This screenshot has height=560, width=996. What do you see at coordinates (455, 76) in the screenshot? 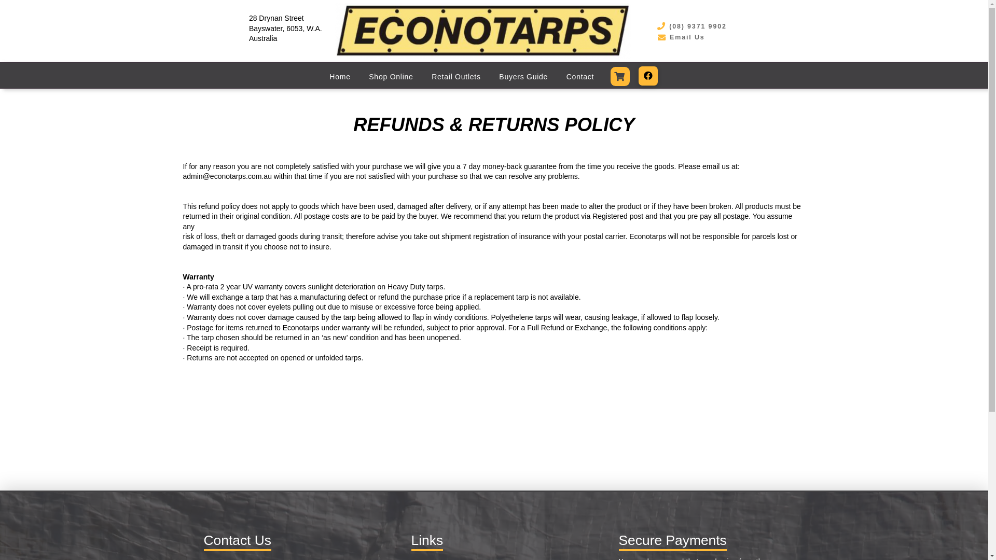
I see `'Retail Outlets'` at bounding box center [455, 76].